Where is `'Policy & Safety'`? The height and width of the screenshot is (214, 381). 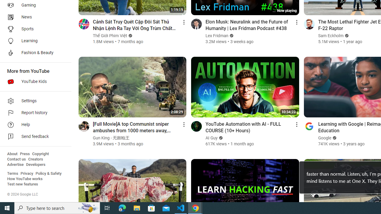
'Policy & Safety' is located at coordinates (49, 174).